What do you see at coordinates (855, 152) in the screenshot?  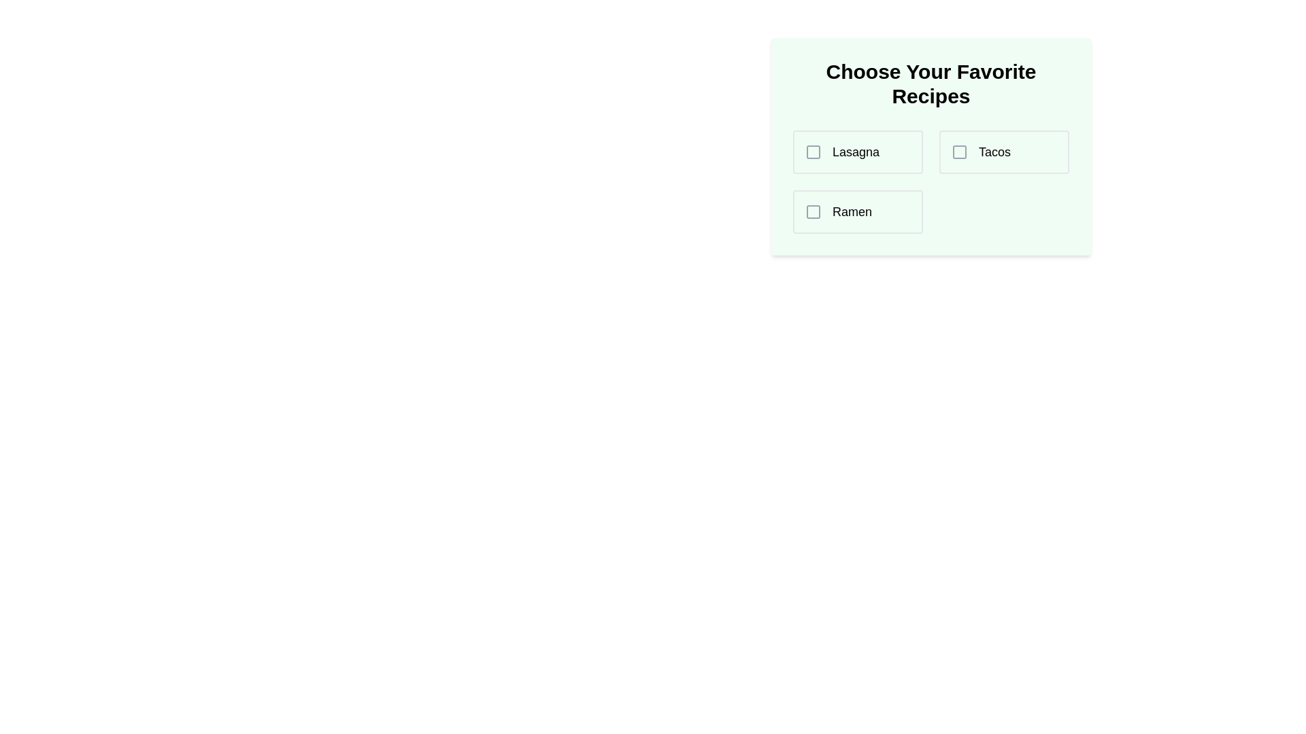 I see `the text label identifying the 'Lasagna' option, which is located to the right of a checkbox in the 'Choose Your Favorite Recipes' section` at bounding box center [855, 152].